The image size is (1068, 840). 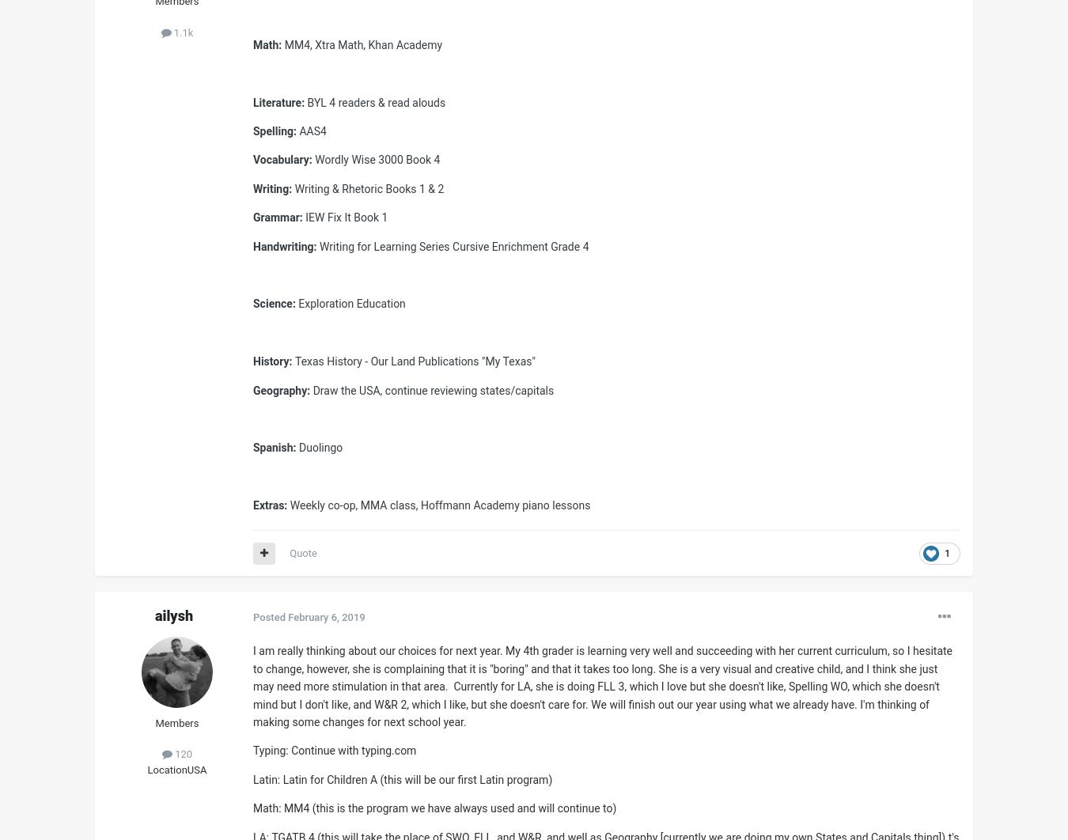 I want to click on 'Writing:', so click(x=252, y=187).